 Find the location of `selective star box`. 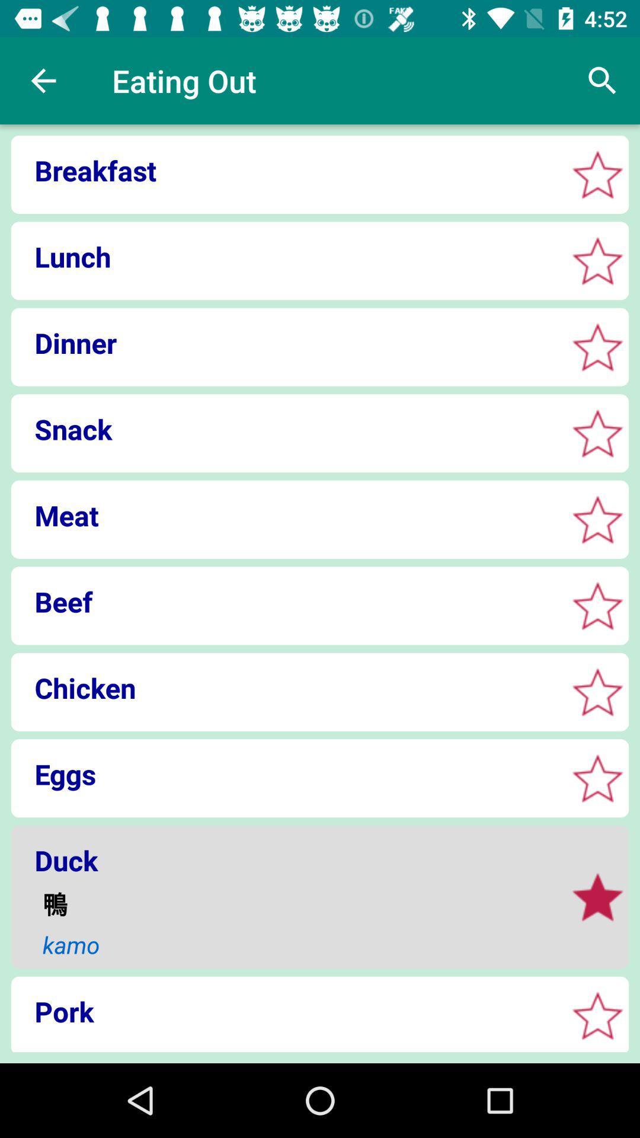

selective star box is located at coordinates (597, 260).